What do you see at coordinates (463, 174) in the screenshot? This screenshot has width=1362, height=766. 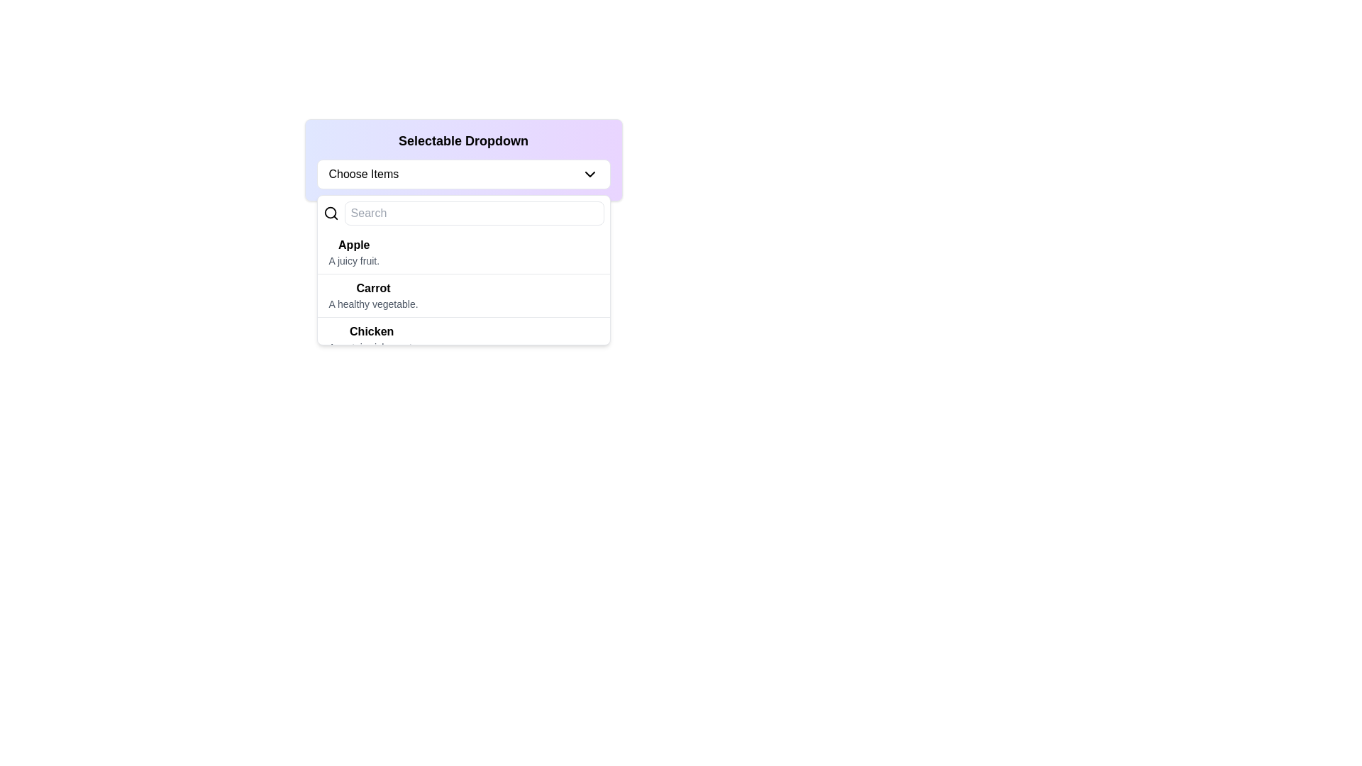 I see `the 'Choose Items' dropdown menu` at bounding box center [463, 174].